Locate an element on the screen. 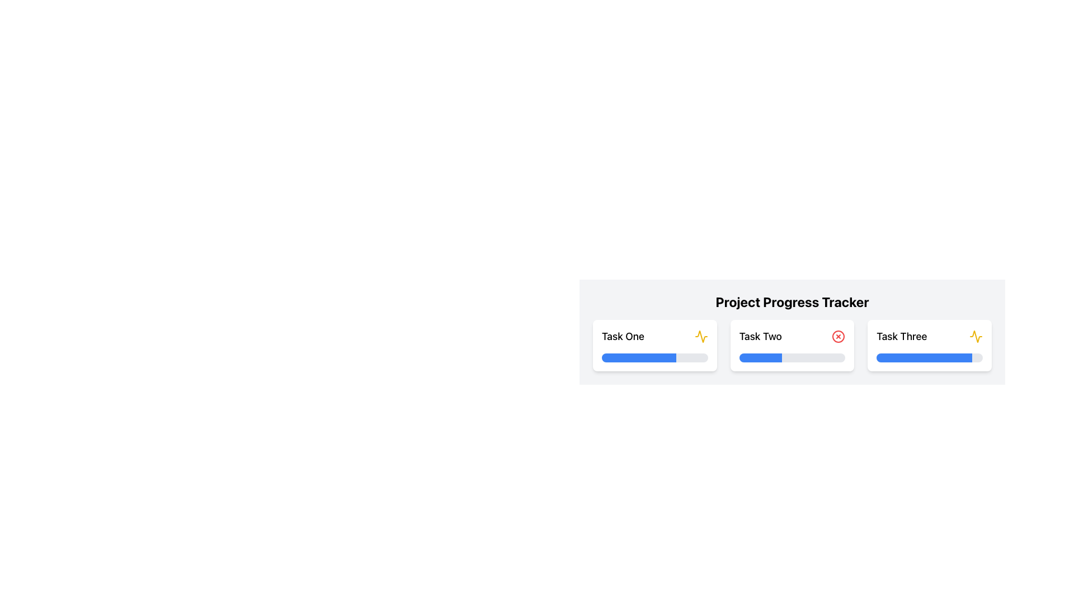  the Text Label that identifies 'Task Two' within the central card of a group of three task cards is located at coordinates (760, 336).